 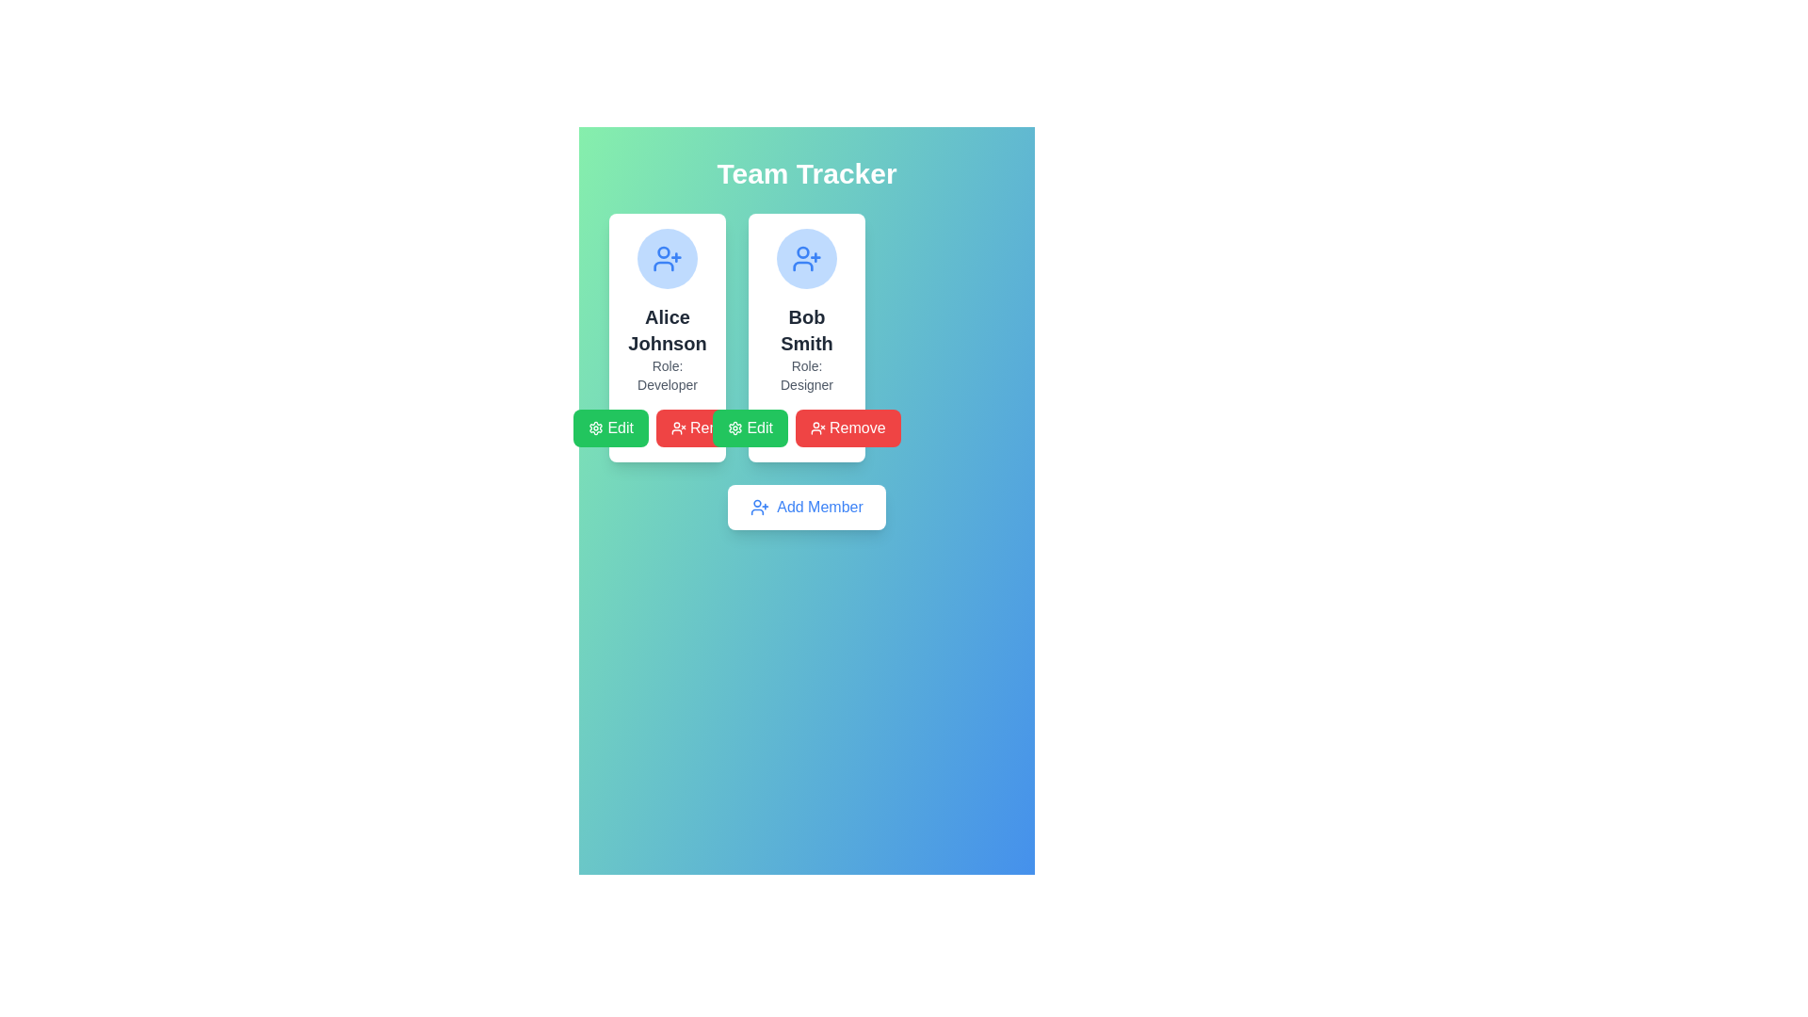 What do you see at coordinates (734, 428) in the screenshot?
I see `the settings icon located inside the 'Edit' button associated with user 'Alice Johnson'` at bounding box center [734, 428].